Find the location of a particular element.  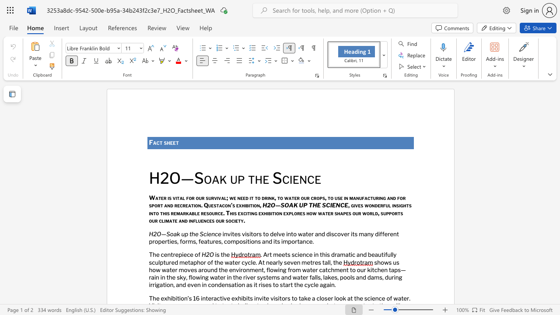

the subset text "he centrepiece of" within the text "The centrepiece of" is located at coordinates (153, 255).